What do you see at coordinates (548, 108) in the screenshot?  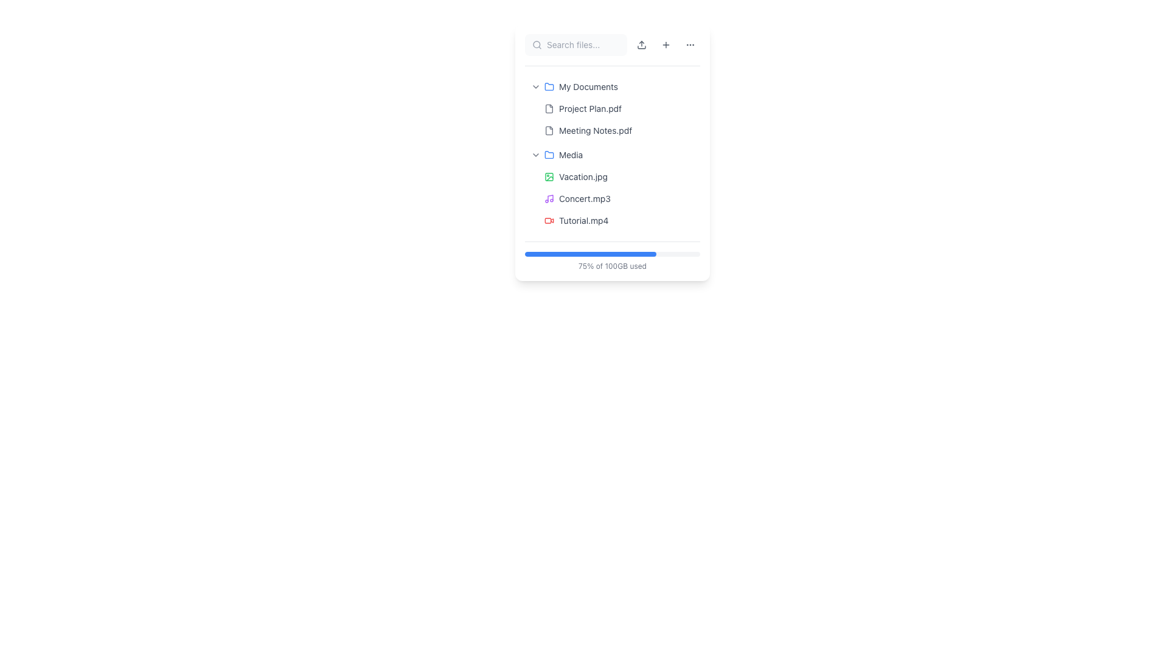 I see `the document icon located to the left of the text 'Project Plan.pdf' under the 'My Documents' folder heading` at bounding box center [548, 108].